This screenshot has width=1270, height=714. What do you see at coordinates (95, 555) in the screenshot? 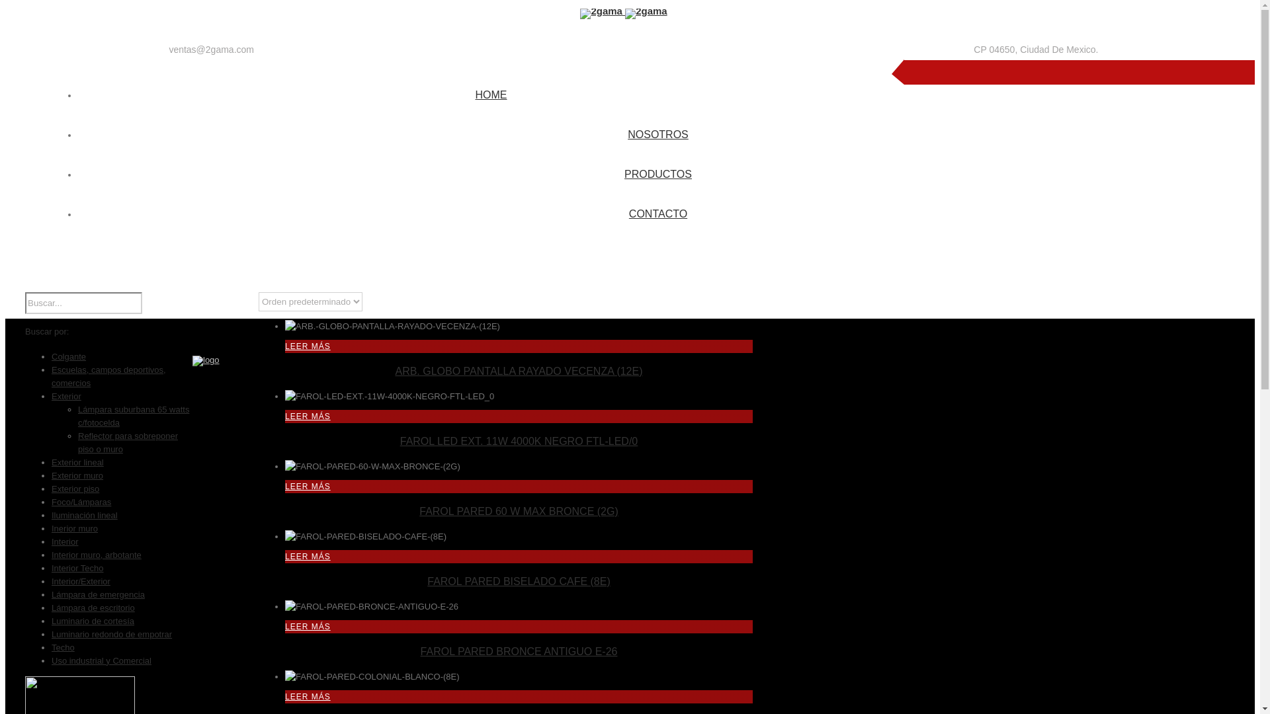
I see `'Interior muro, arbotante'` at bounding box center [95, 555].